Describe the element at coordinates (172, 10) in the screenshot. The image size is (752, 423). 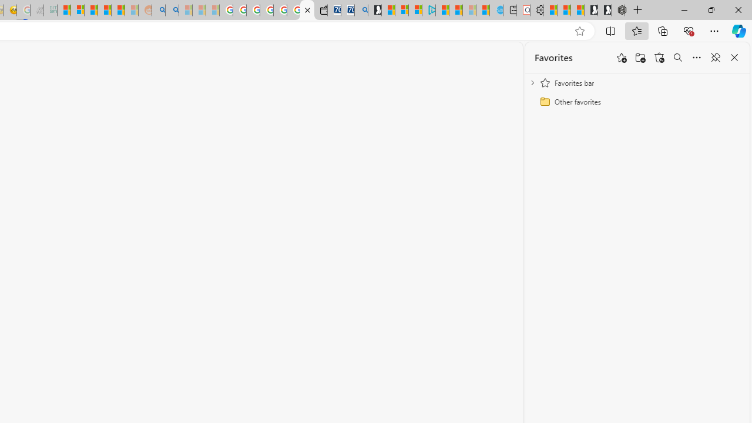
I see `'Utah sues federal government - Search'` at that location.